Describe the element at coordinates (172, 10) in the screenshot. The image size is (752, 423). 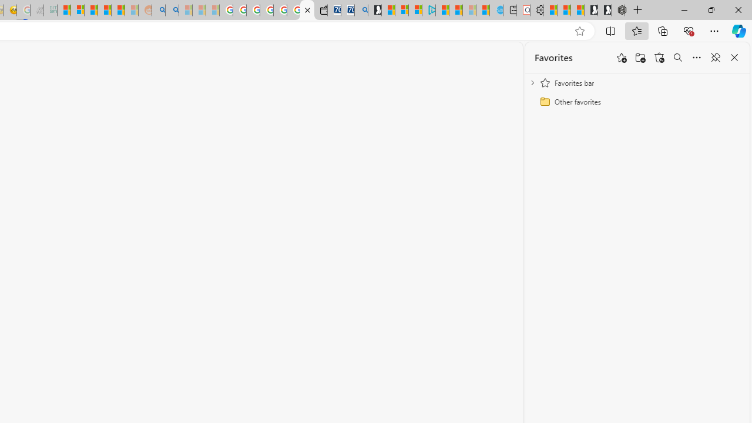
I see `'Utah sues federal government - Search'` at that location.